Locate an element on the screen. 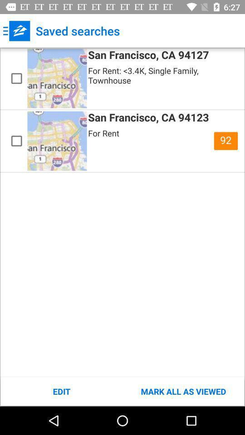 The height and width of the screenshot is (435, 245). the mark all as is located at coordinates (183, 391).